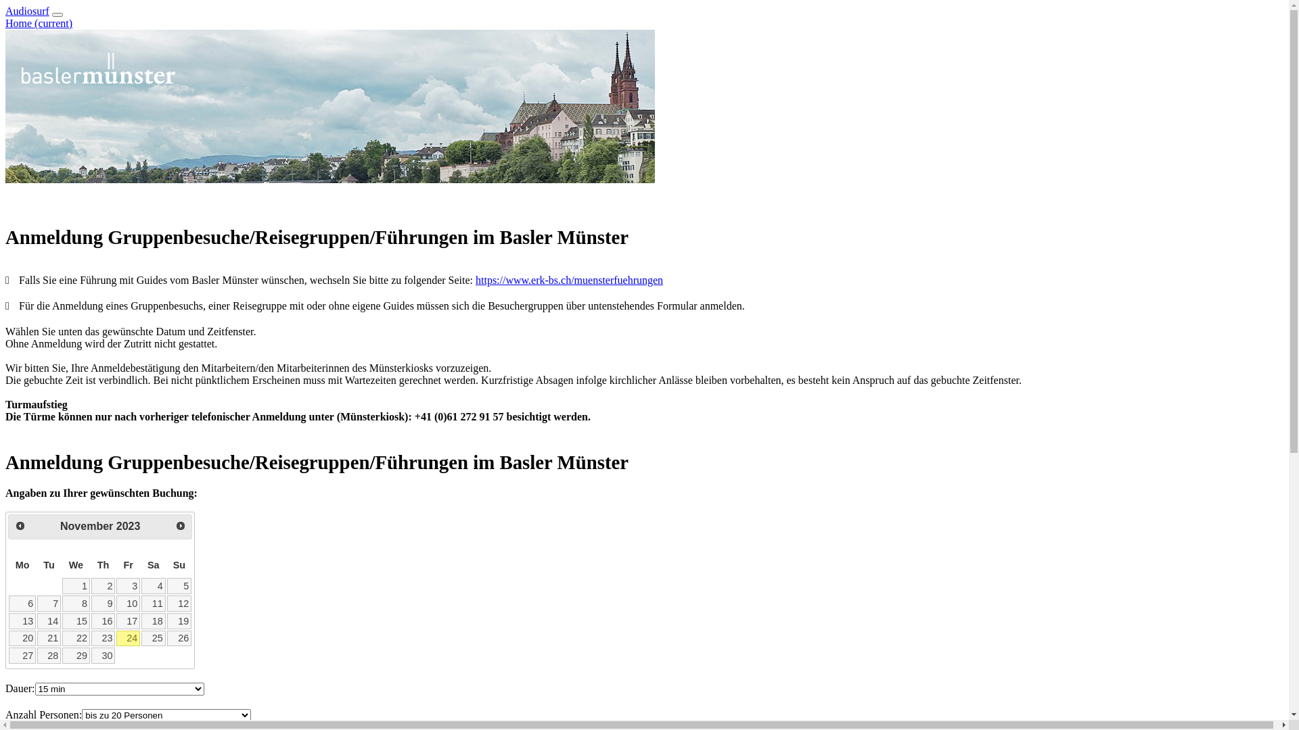  I want to click on '4', so click(153, 585).